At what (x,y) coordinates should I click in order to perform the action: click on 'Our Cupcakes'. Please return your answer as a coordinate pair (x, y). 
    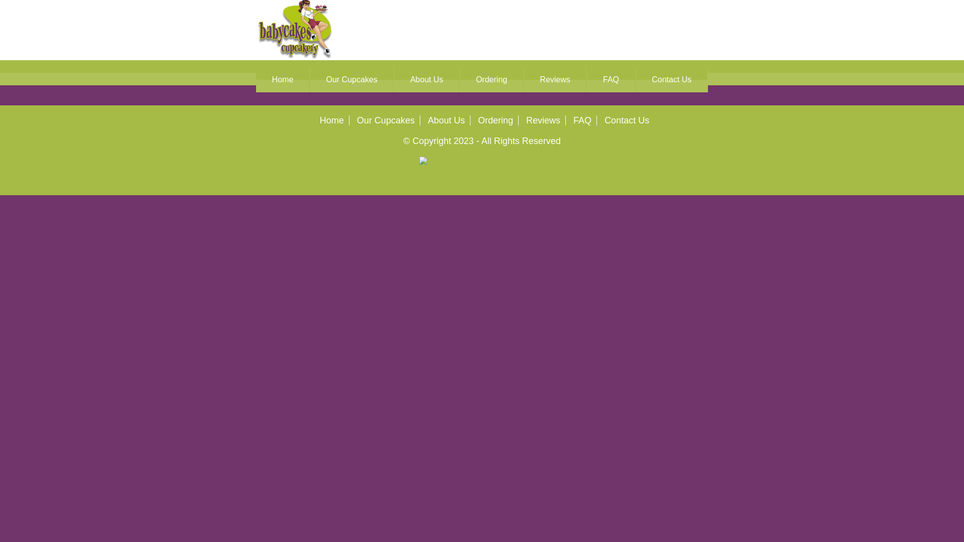
    Looking at the image, I should click on (385, 119).